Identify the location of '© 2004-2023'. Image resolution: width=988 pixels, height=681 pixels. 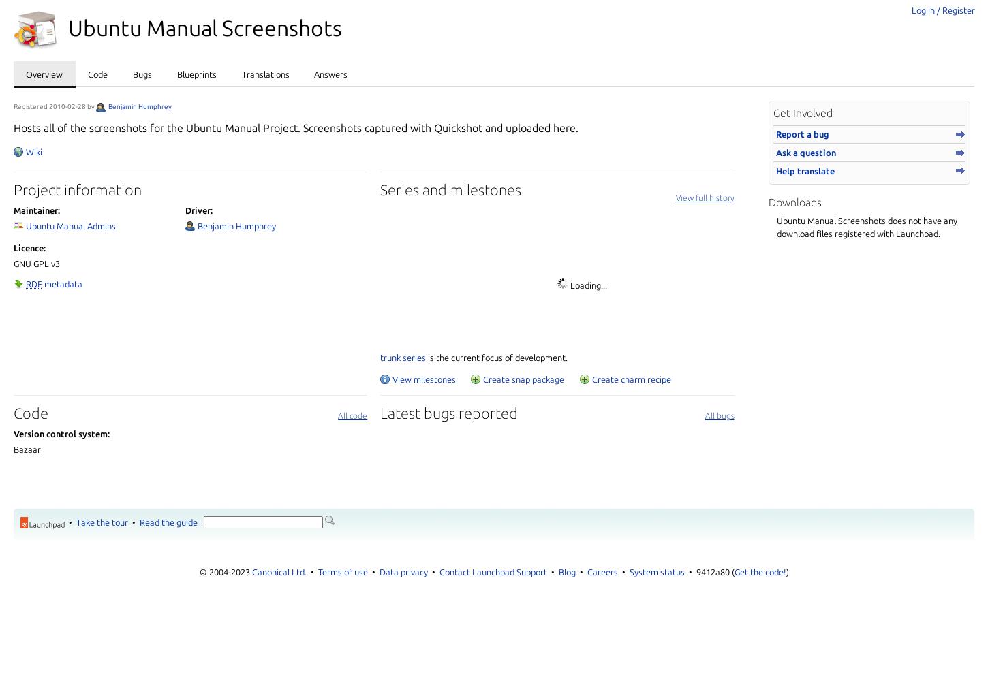
(225, 571).